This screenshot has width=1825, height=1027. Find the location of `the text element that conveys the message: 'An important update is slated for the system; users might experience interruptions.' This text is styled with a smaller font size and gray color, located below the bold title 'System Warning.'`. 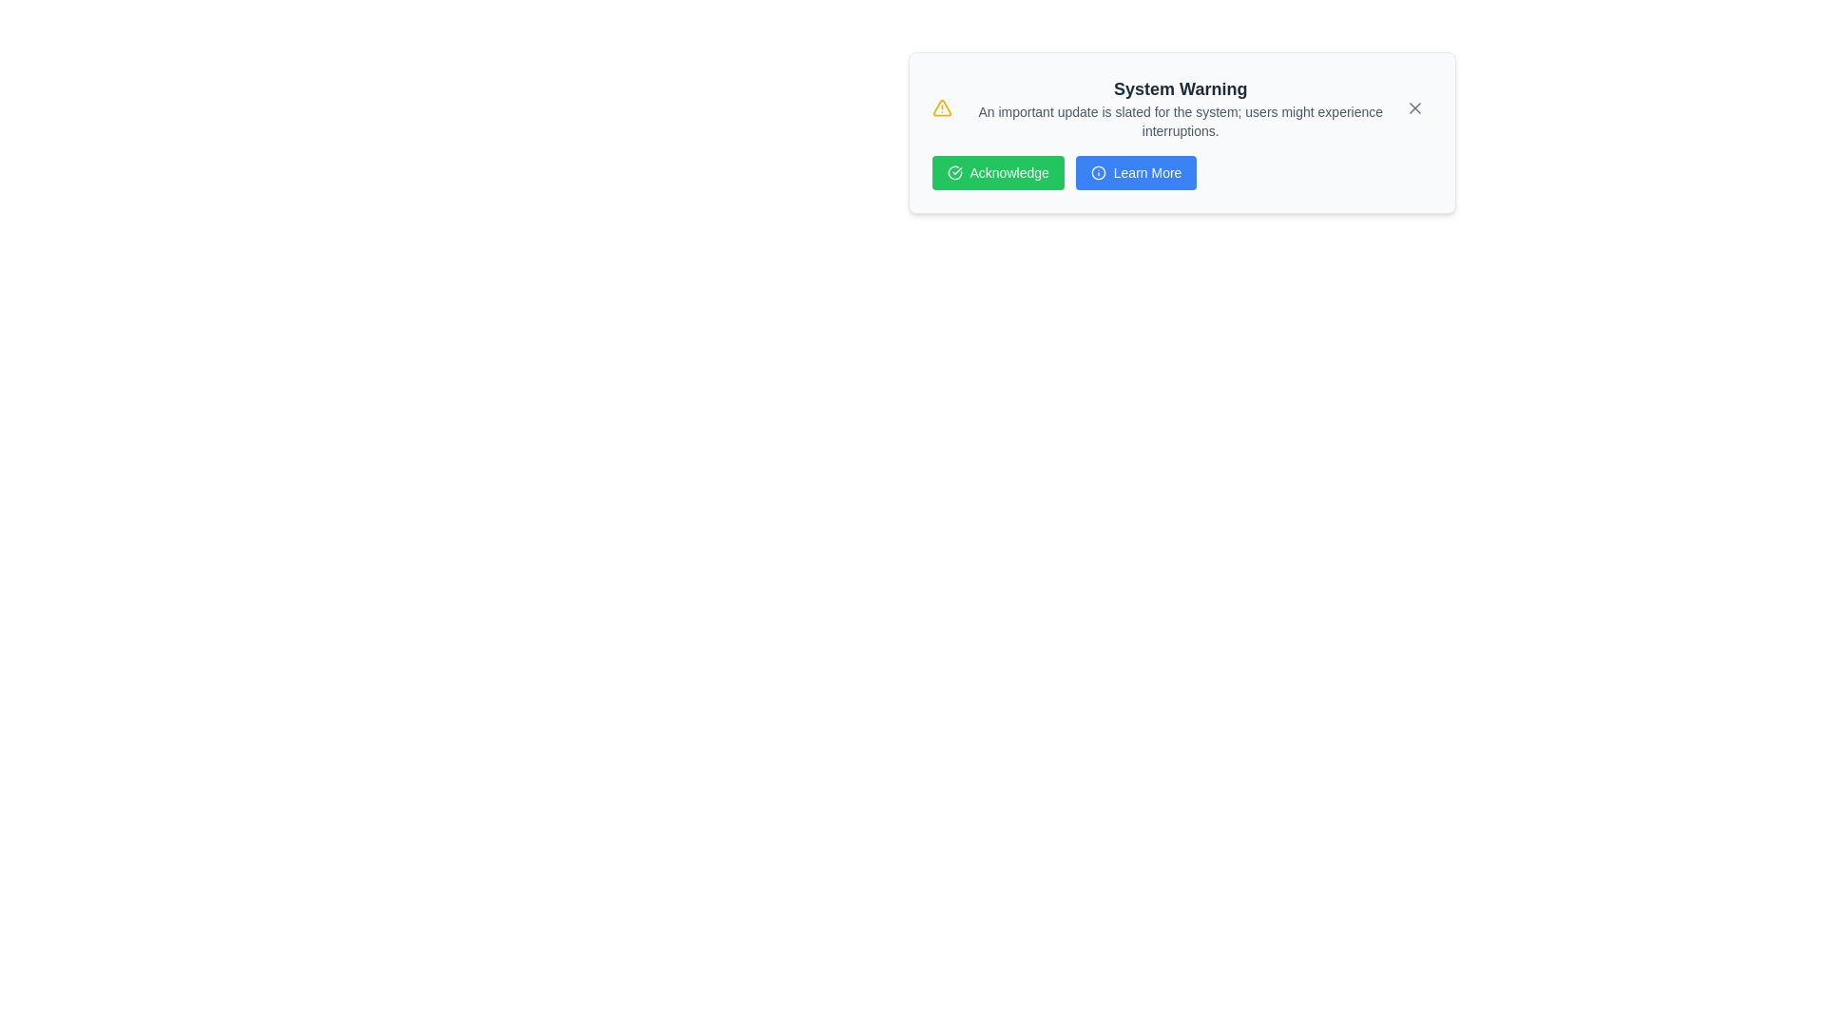

the text element that conveys the message: 'An important update is slated for the system; users might experience interruptions.' This text is styled with a smaller font size and gray color, located below the bold title 'System Warning.' is located at coordinates (1180, 121).